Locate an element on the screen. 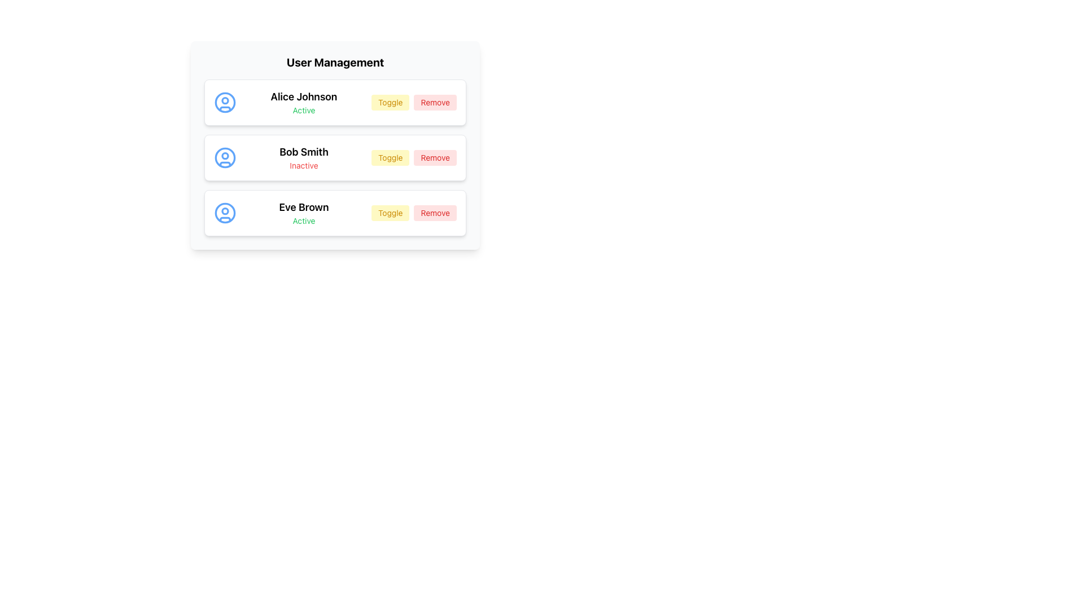 The image size is (1084, 609). the text label indicating the status of 'Eve Brown' which is labeled as 'Active', located beneath her name in the User Management panel is located at coordinates (304, 221).